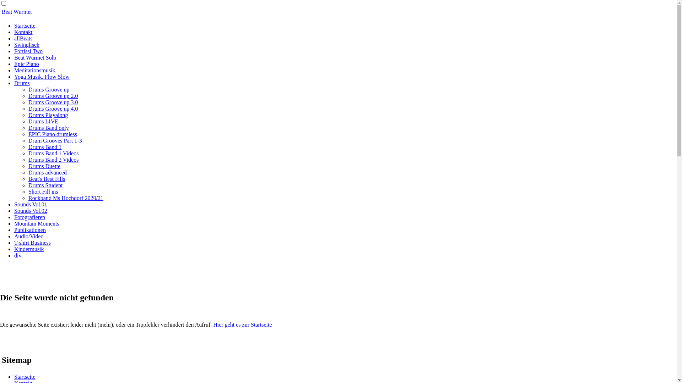 The height and width of the screenshot is (383, 682). I want to click on 'Drums Student', so click(45, 185).